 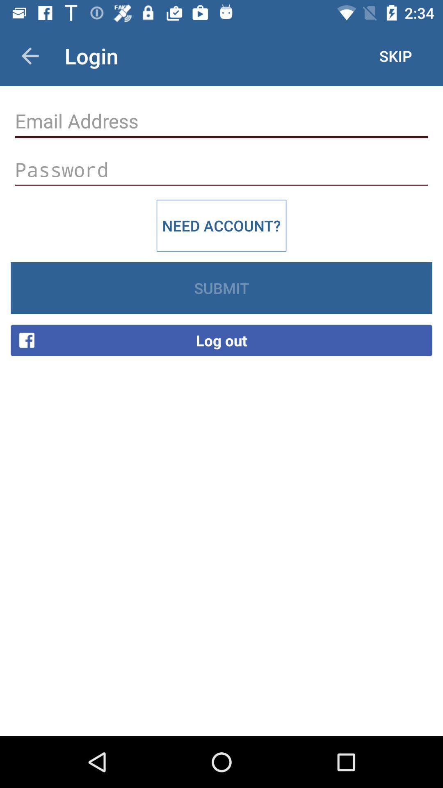 I want to click on the log out, so click(x=221, y=340).